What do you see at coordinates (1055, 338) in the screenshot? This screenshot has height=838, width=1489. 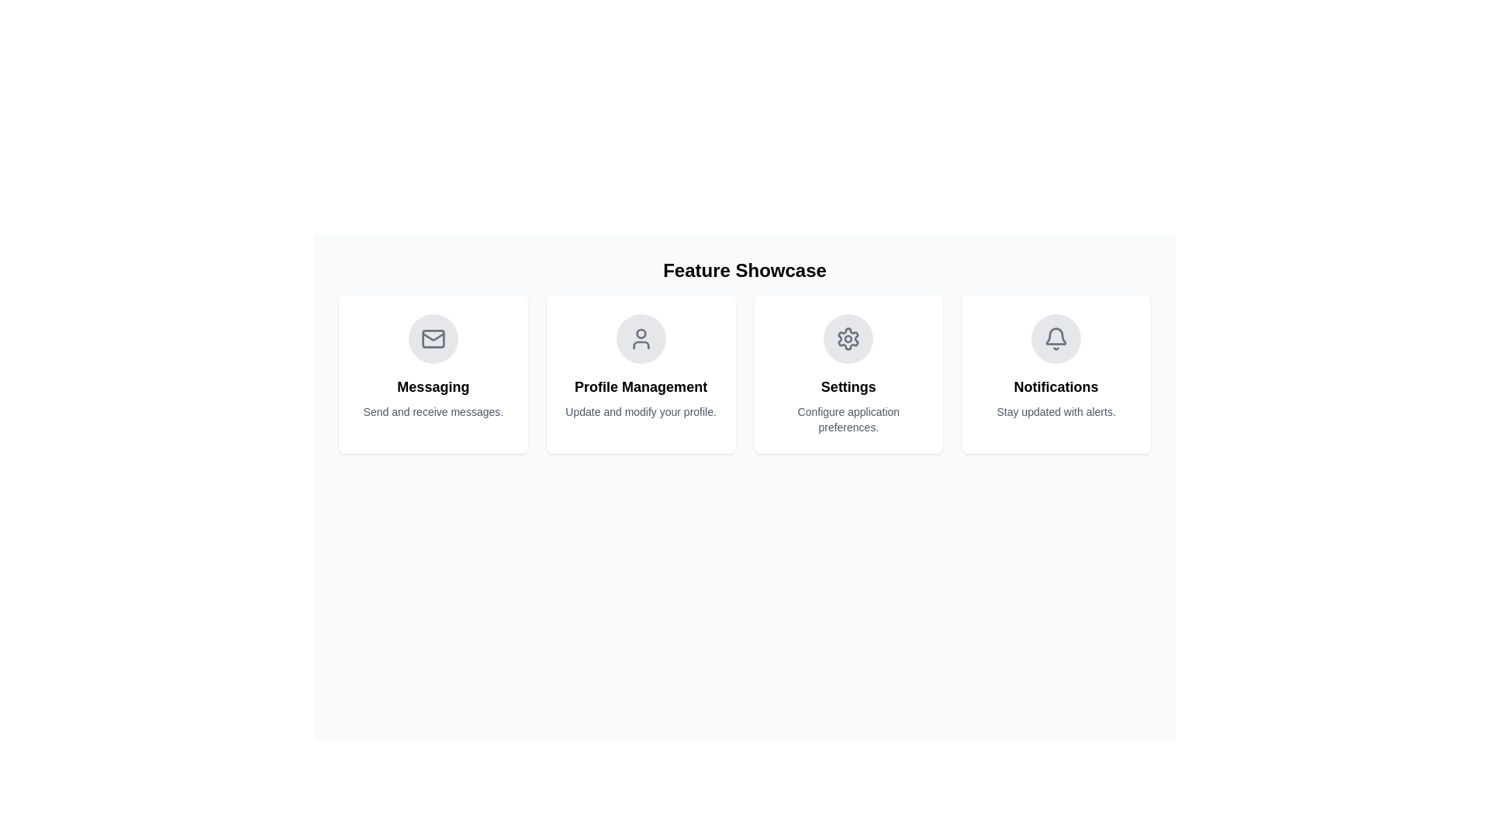 I see `the circular gray icon with a bell graphic in the center, located within the 'Notifications' card at the top region` at bounding box center [1055, 338].